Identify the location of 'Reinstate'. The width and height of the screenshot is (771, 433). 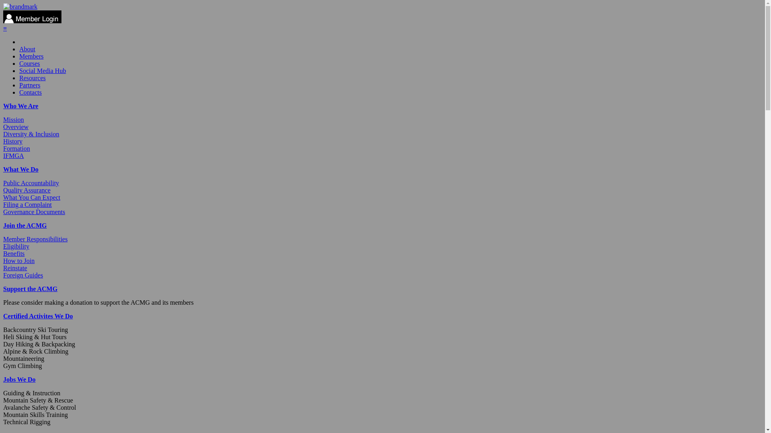
(15, 268).